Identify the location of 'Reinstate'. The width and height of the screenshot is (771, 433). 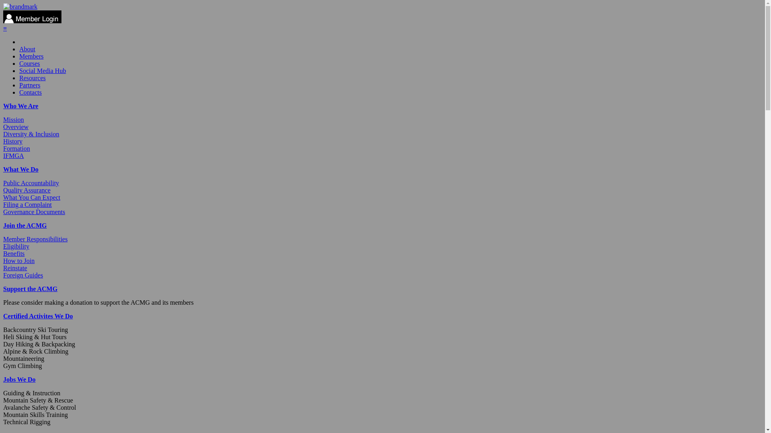
(15, 268).